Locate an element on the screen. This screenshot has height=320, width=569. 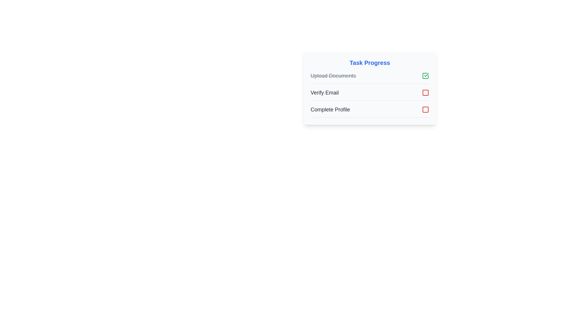
the red square icon next to the 'Verify Email' text in the checklist interface is located at coordinates (425, 92).